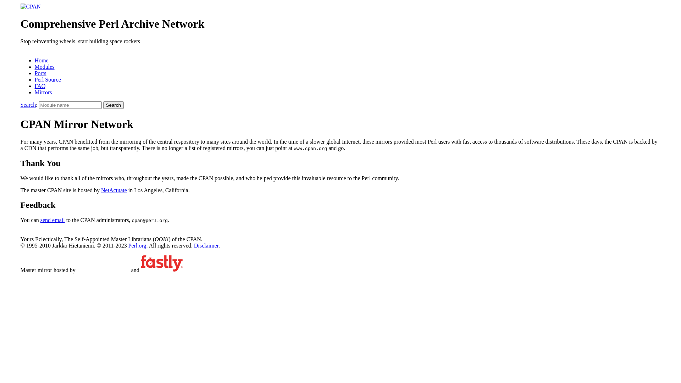 This screenshot has width=681, height=383. What do you see at coordinates (52, 220) in the screenshot?
I see `'send email'` at bounding box center [52, 220].